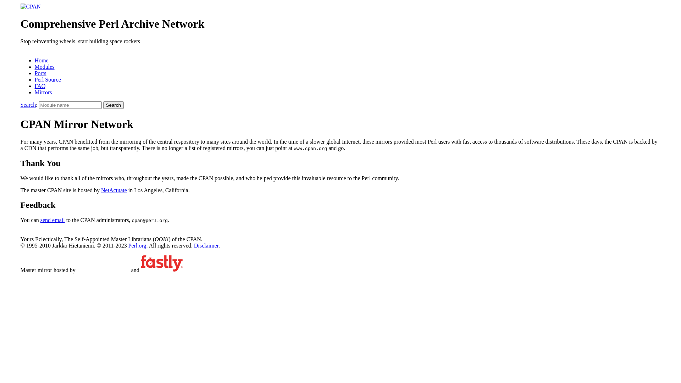 This screenshot has width=681, height=383. What do you see at coordinates (52, 220) in the screenshot?
I see `'send email'` at bounding box center [52, 220].